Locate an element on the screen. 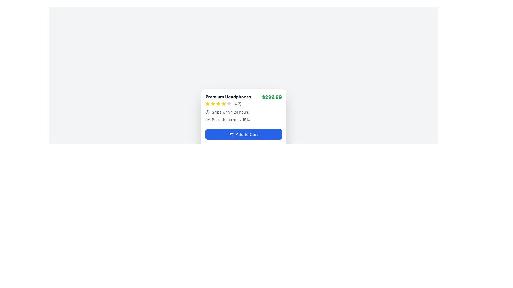 The image size is (513, 288). the bright blue 'Add to Cart' button with a shopping cart icon is located at coordinates (243, 138).